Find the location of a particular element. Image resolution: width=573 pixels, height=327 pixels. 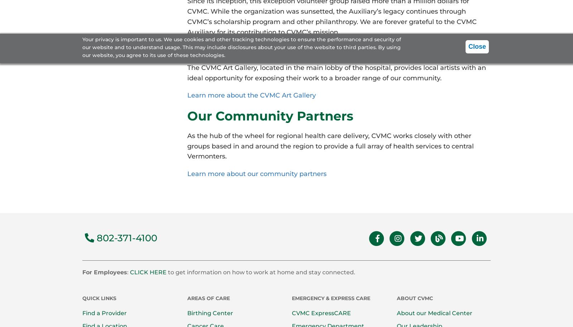

'to get information on how to work at home and stay connected.' is located at coordinates (261, 272).